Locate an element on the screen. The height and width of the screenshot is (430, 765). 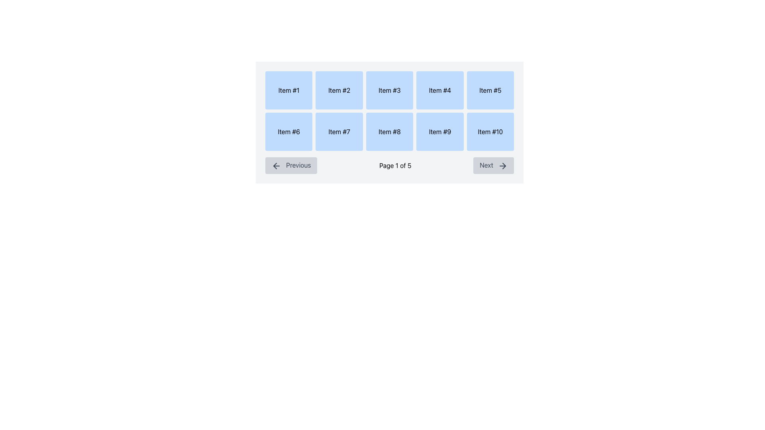
the text label displaying 'Item #10', which is styled with a dark color font on a blue background, located in the second row, fifth column of a 2x5 grid layout is located at coordinates (490, 131).